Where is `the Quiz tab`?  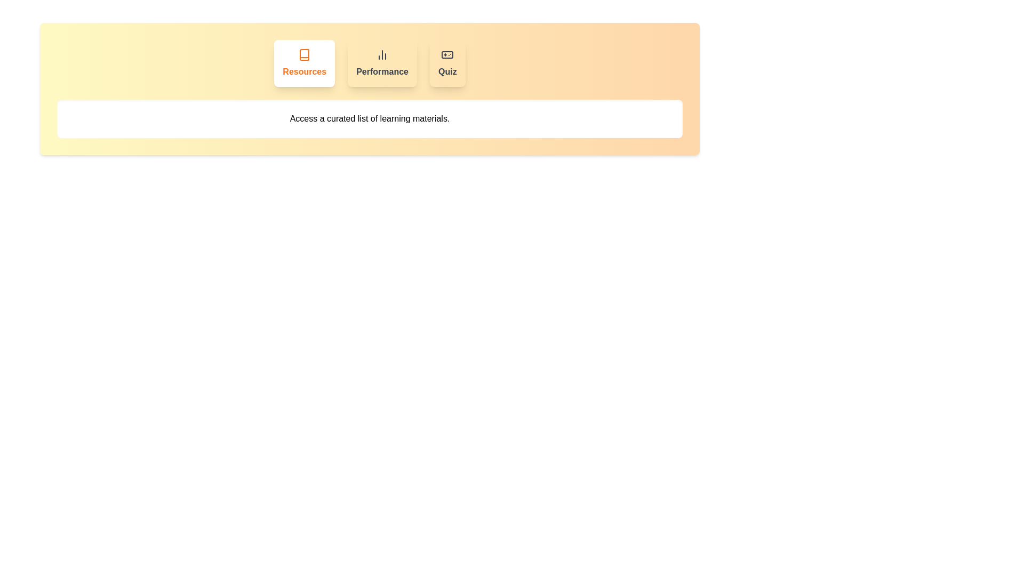
the Quiz tab is located at coordinates (447, 63).